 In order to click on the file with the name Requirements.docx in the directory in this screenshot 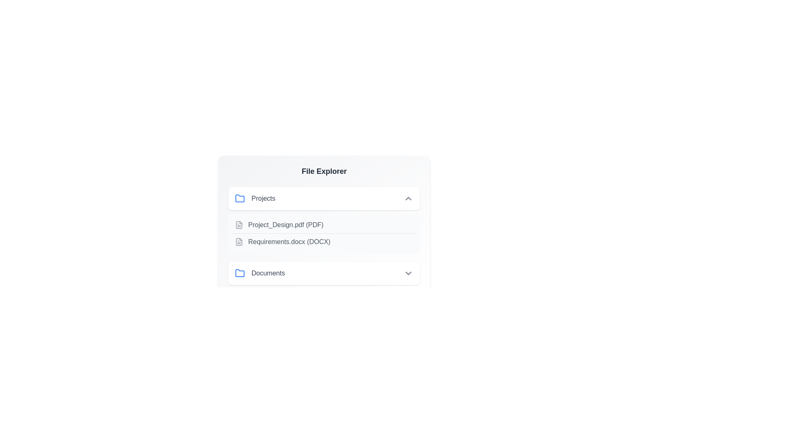, I will do `click(324, 242)`.